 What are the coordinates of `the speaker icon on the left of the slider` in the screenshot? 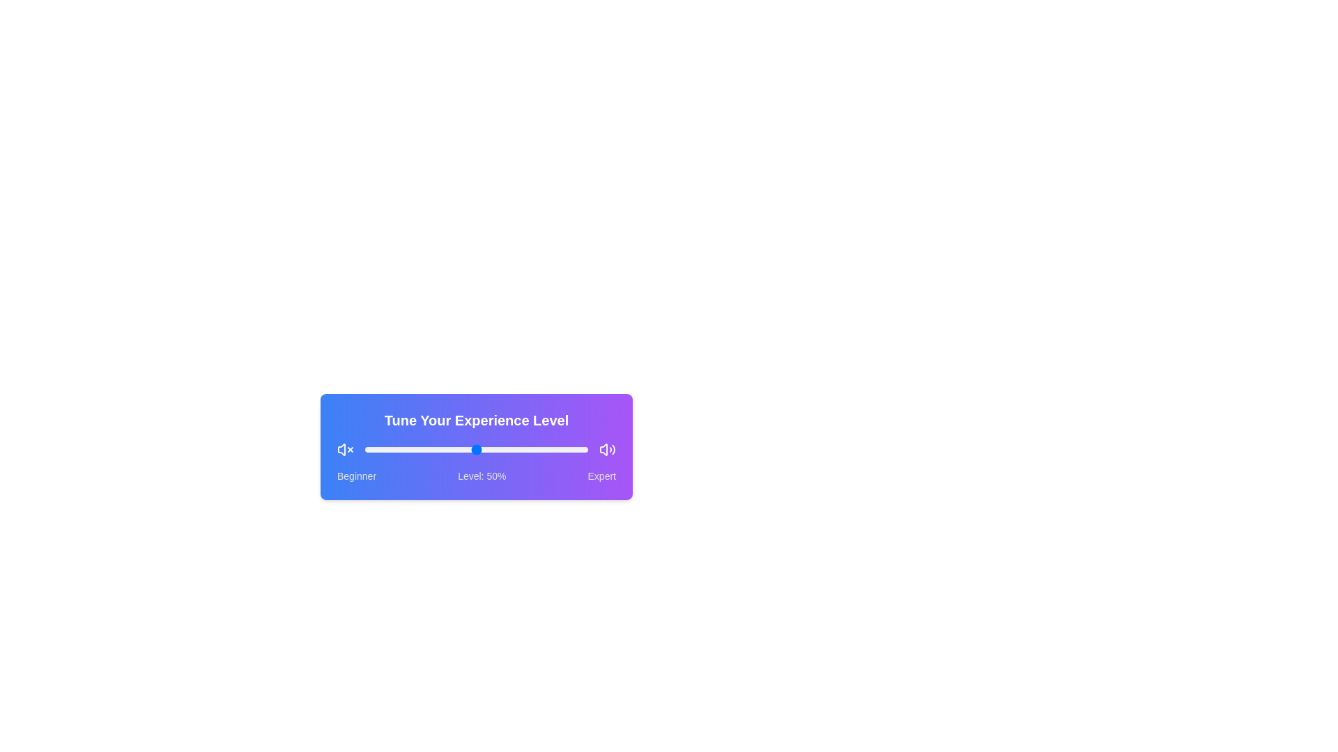 It's located at (345, 449).